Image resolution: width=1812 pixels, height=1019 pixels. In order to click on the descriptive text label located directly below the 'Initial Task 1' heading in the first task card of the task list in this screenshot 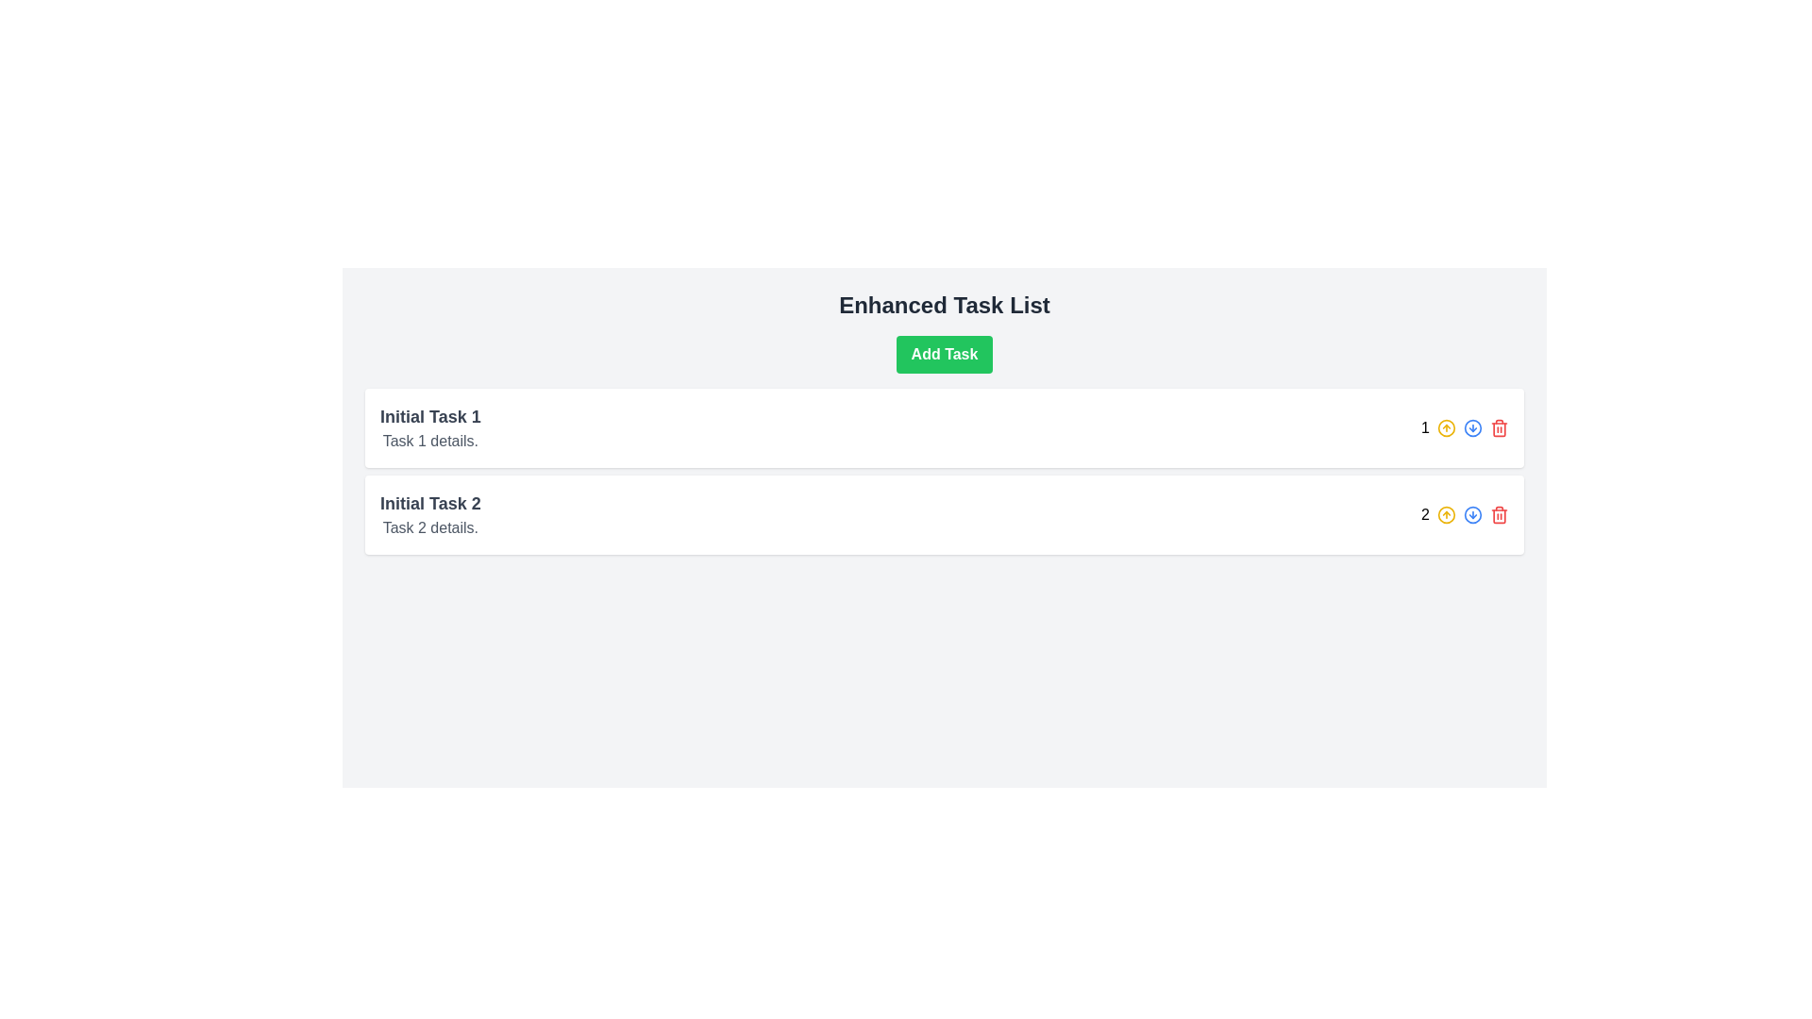, I will do `click(429, 441)`.